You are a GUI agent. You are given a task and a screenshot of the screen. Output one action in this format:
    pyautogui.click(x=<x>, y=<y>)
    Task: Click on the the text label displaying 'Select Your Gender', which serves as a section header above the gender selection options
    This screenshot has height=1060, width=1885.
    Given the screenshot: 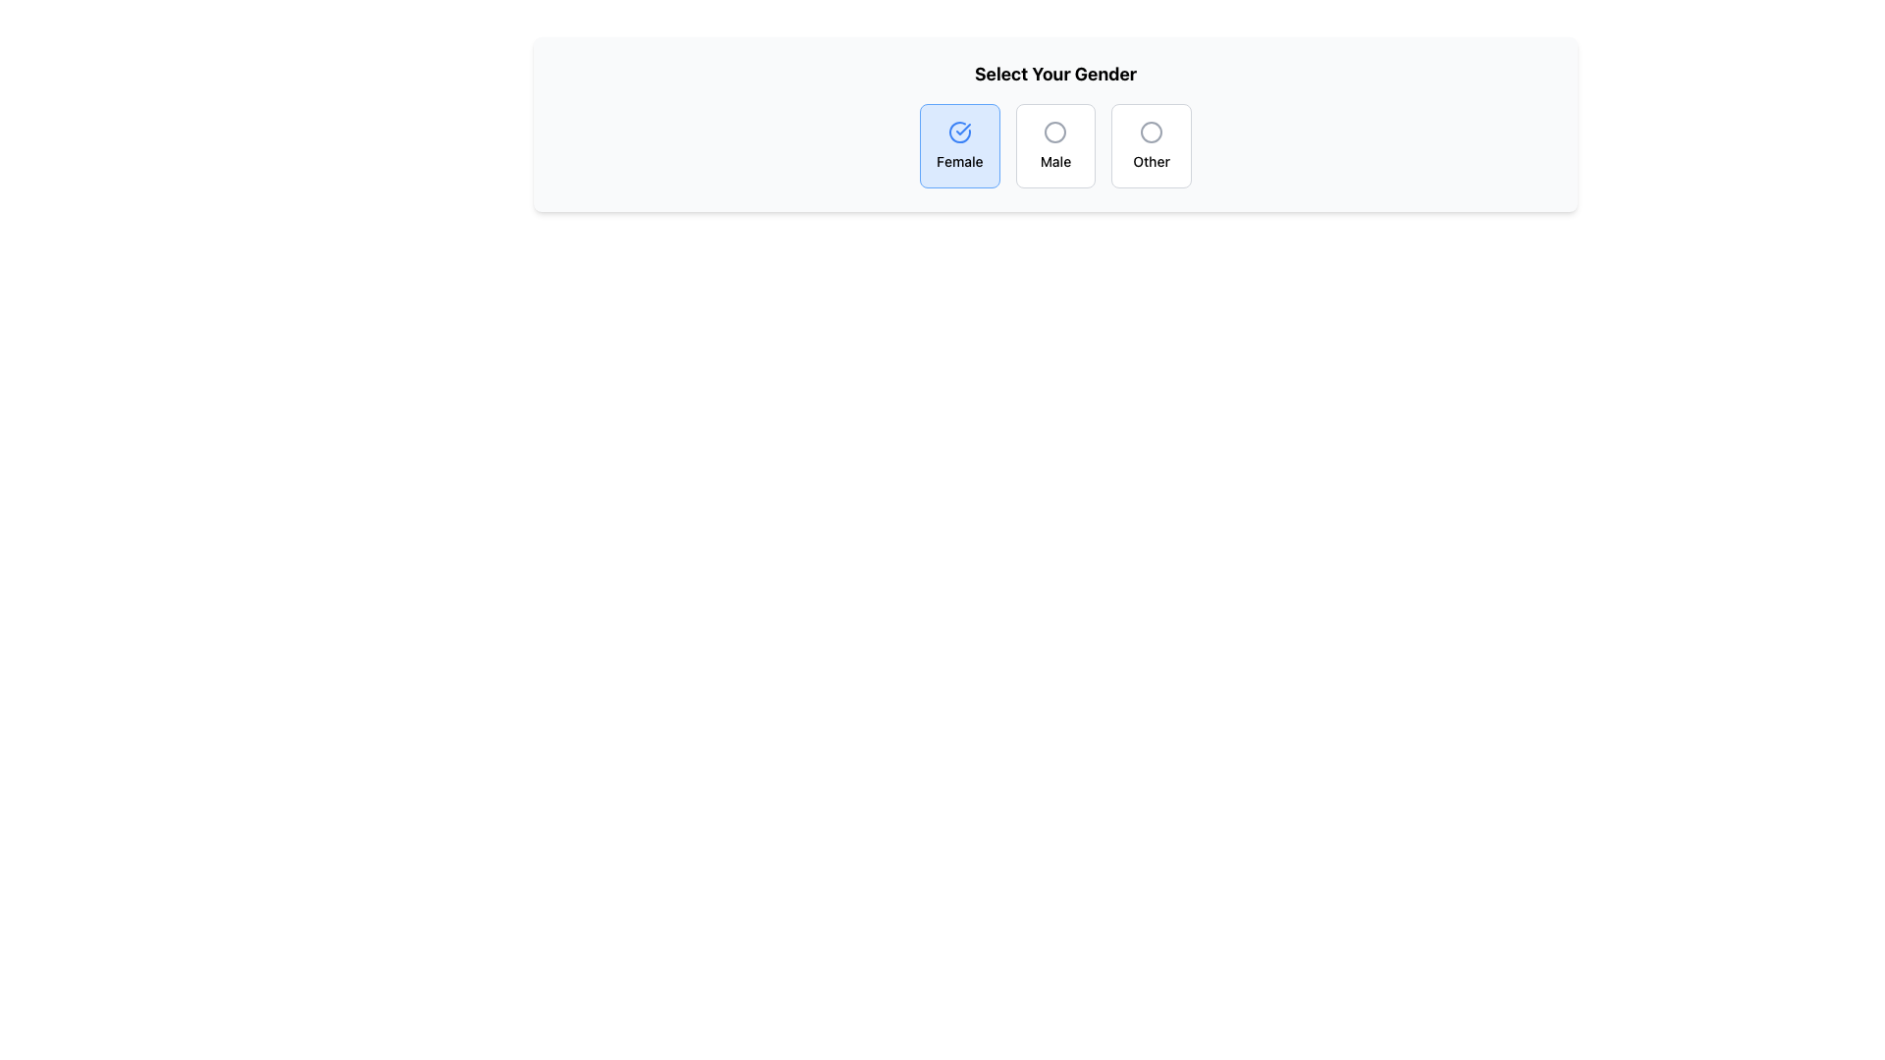 What is the action you would take?
    pyautogui.click(x=1054, y=74)
    